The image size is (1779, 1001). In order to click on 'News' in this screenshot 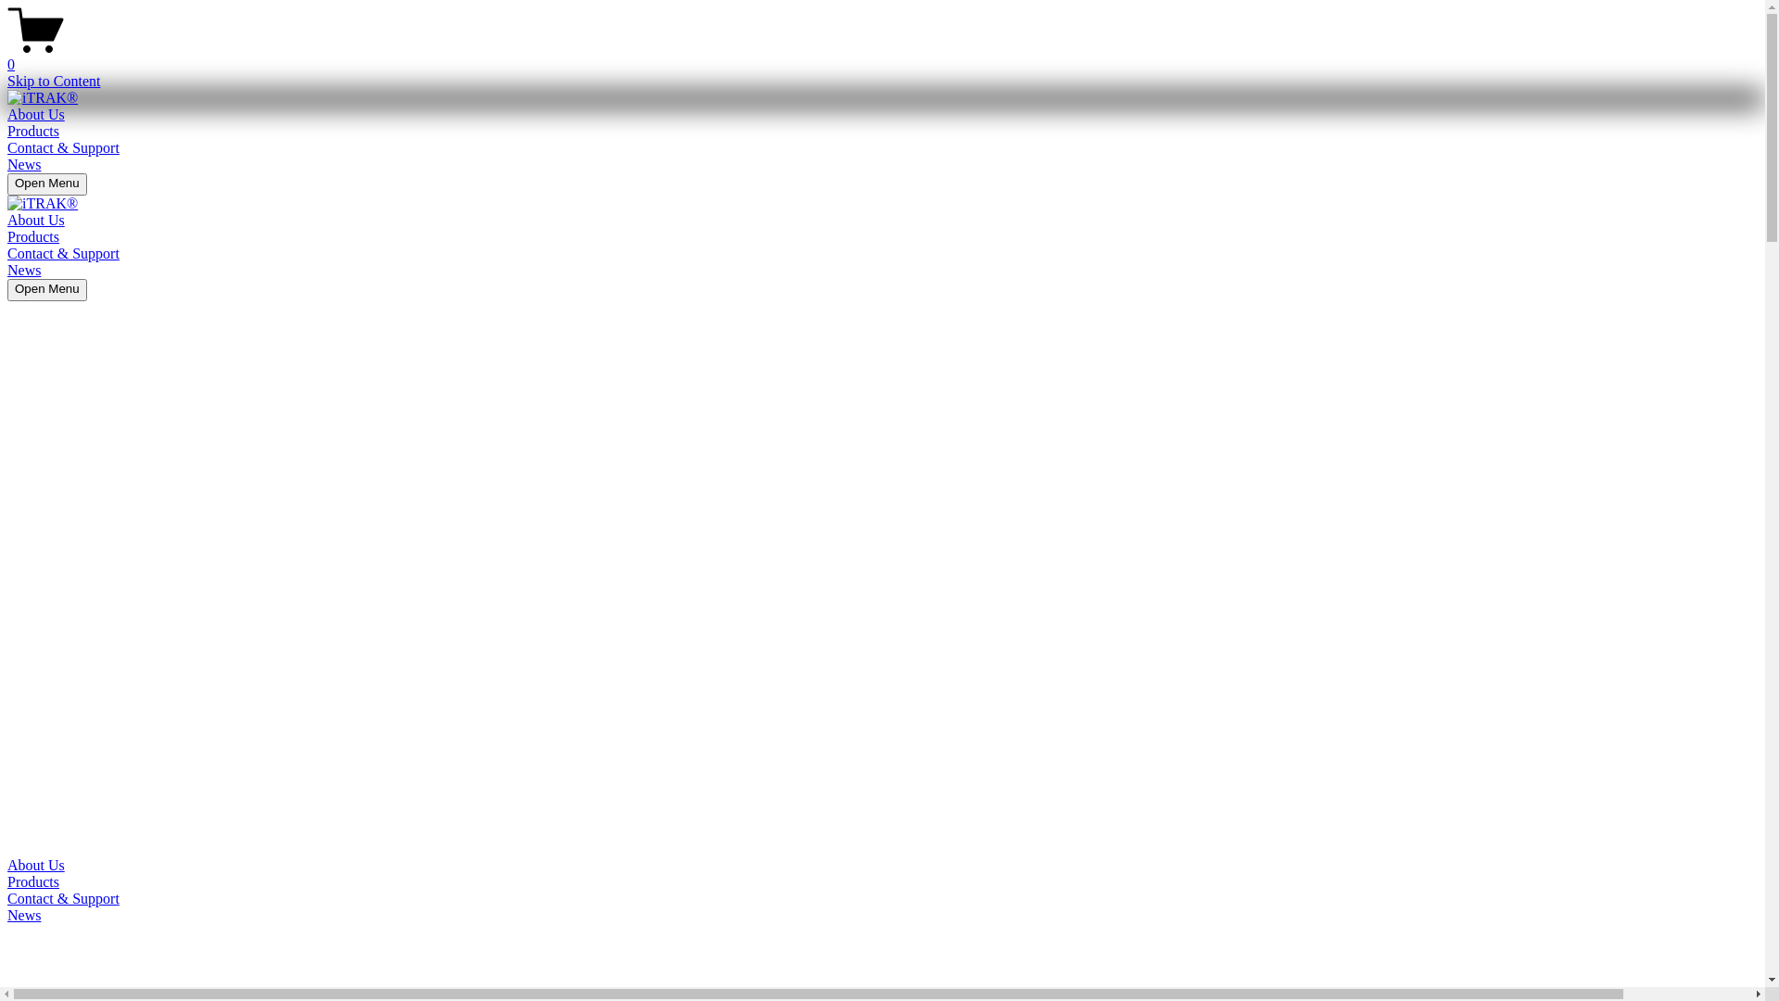, I will do `click(23, 163)`.